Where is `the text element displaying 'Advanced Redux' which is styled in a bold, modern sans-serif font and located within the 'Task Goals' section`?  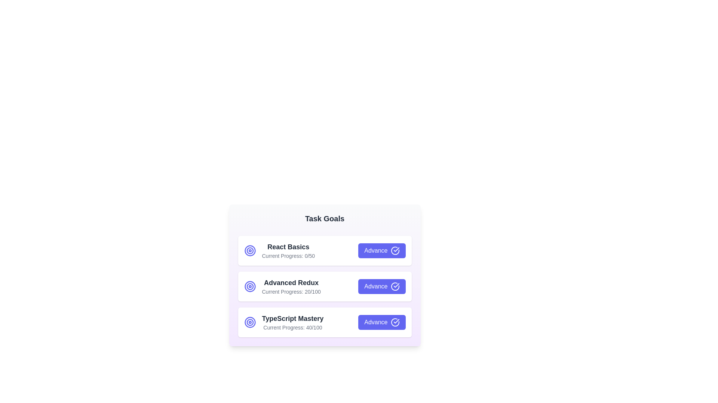
the text element displaying 'Advanced Redux' which is styled in a bold, modern sans-serif font and located within the 'Task Goals' section is located at coordinates (291, 283).